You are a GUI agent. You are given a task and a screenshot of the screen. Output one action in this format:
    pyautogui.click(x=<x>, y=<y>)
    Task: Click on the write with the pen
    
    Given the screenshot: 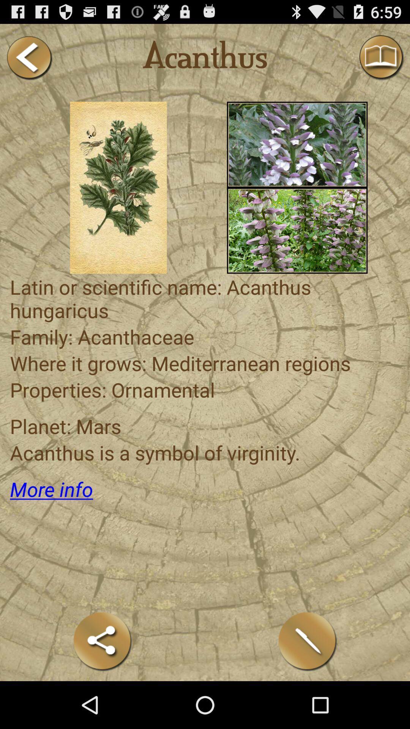 What is the action you would take?
    pyautogui.click(x=307, y=641)
    